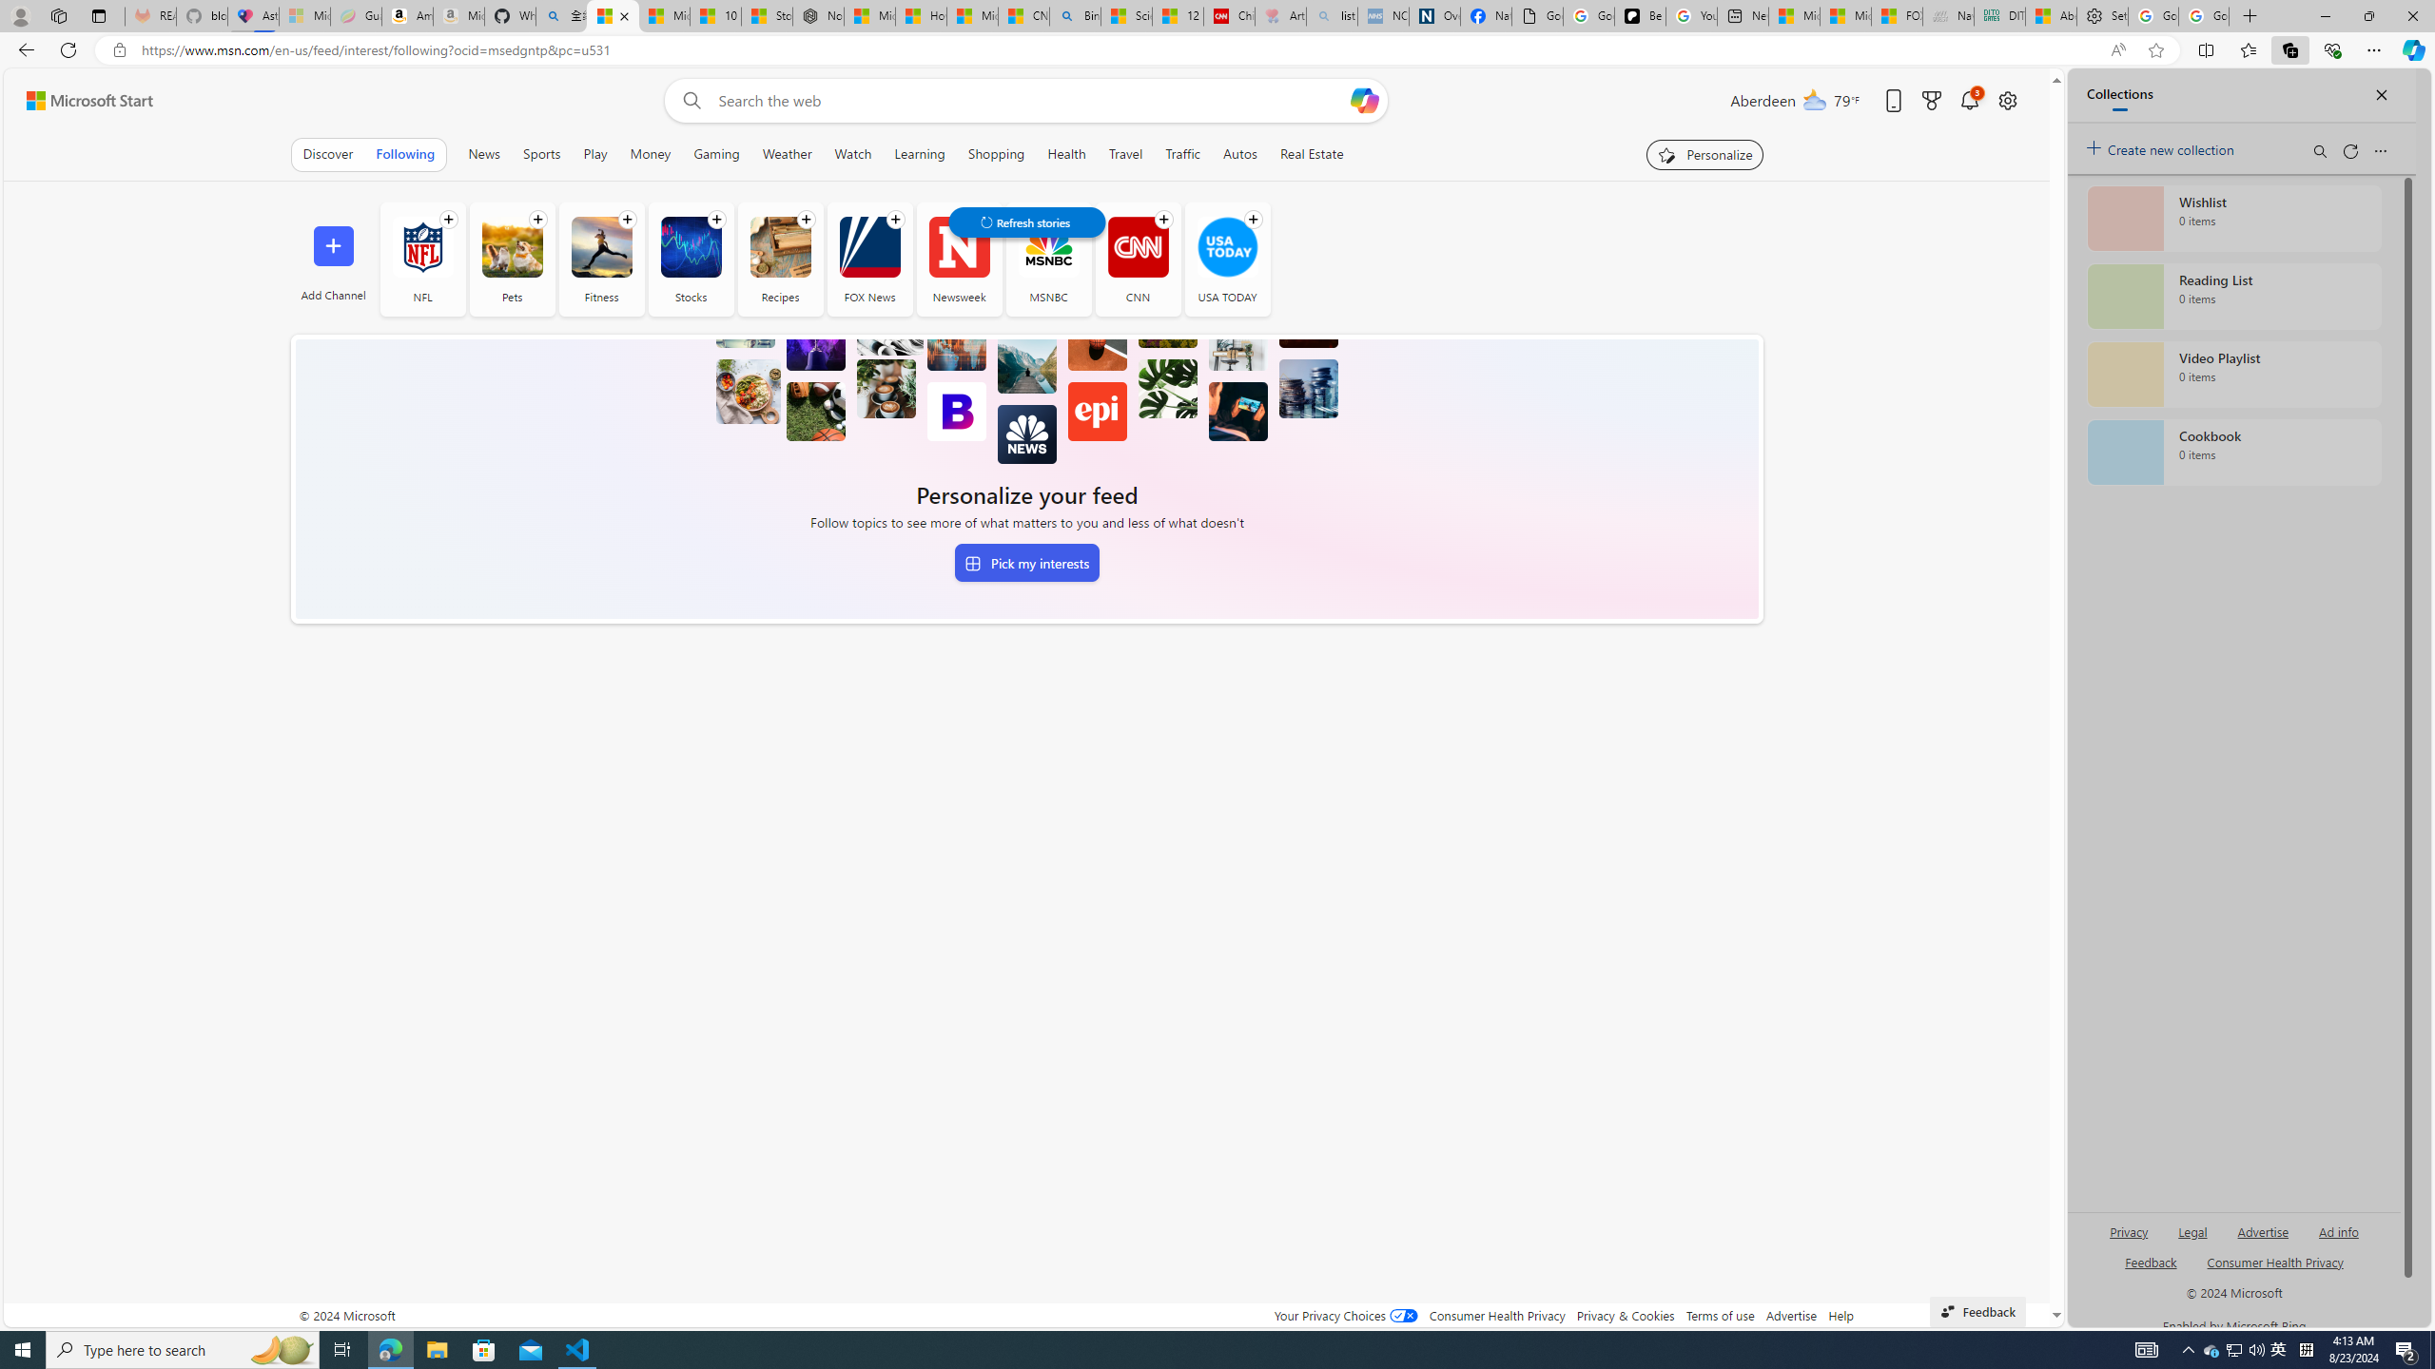 The width and height of the screenshot is (2435, 1369). What do you see at coordinates (869, 245) in the screenshot?
I see `'FOX News'` at bounding box center [869, 245].